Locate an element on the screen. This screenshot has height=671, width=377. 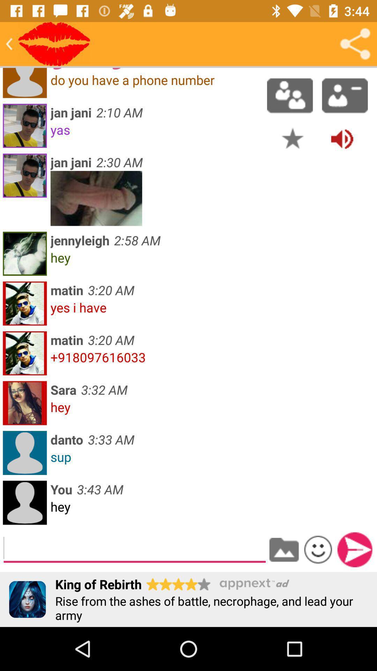
fullsize photo is located at coordinates (96, 198).